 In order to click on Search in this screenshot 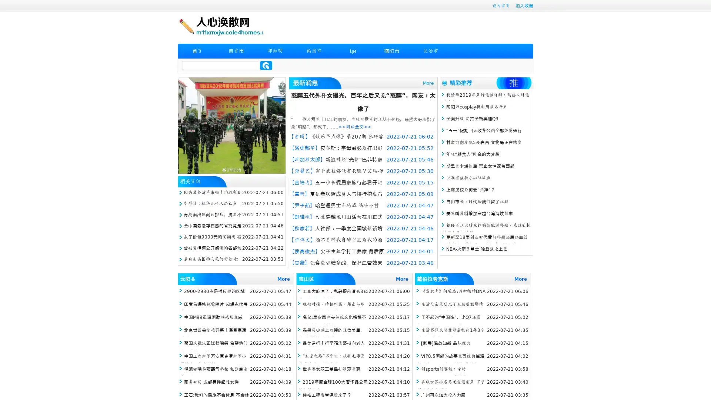, I will do `click(266, 65)`.